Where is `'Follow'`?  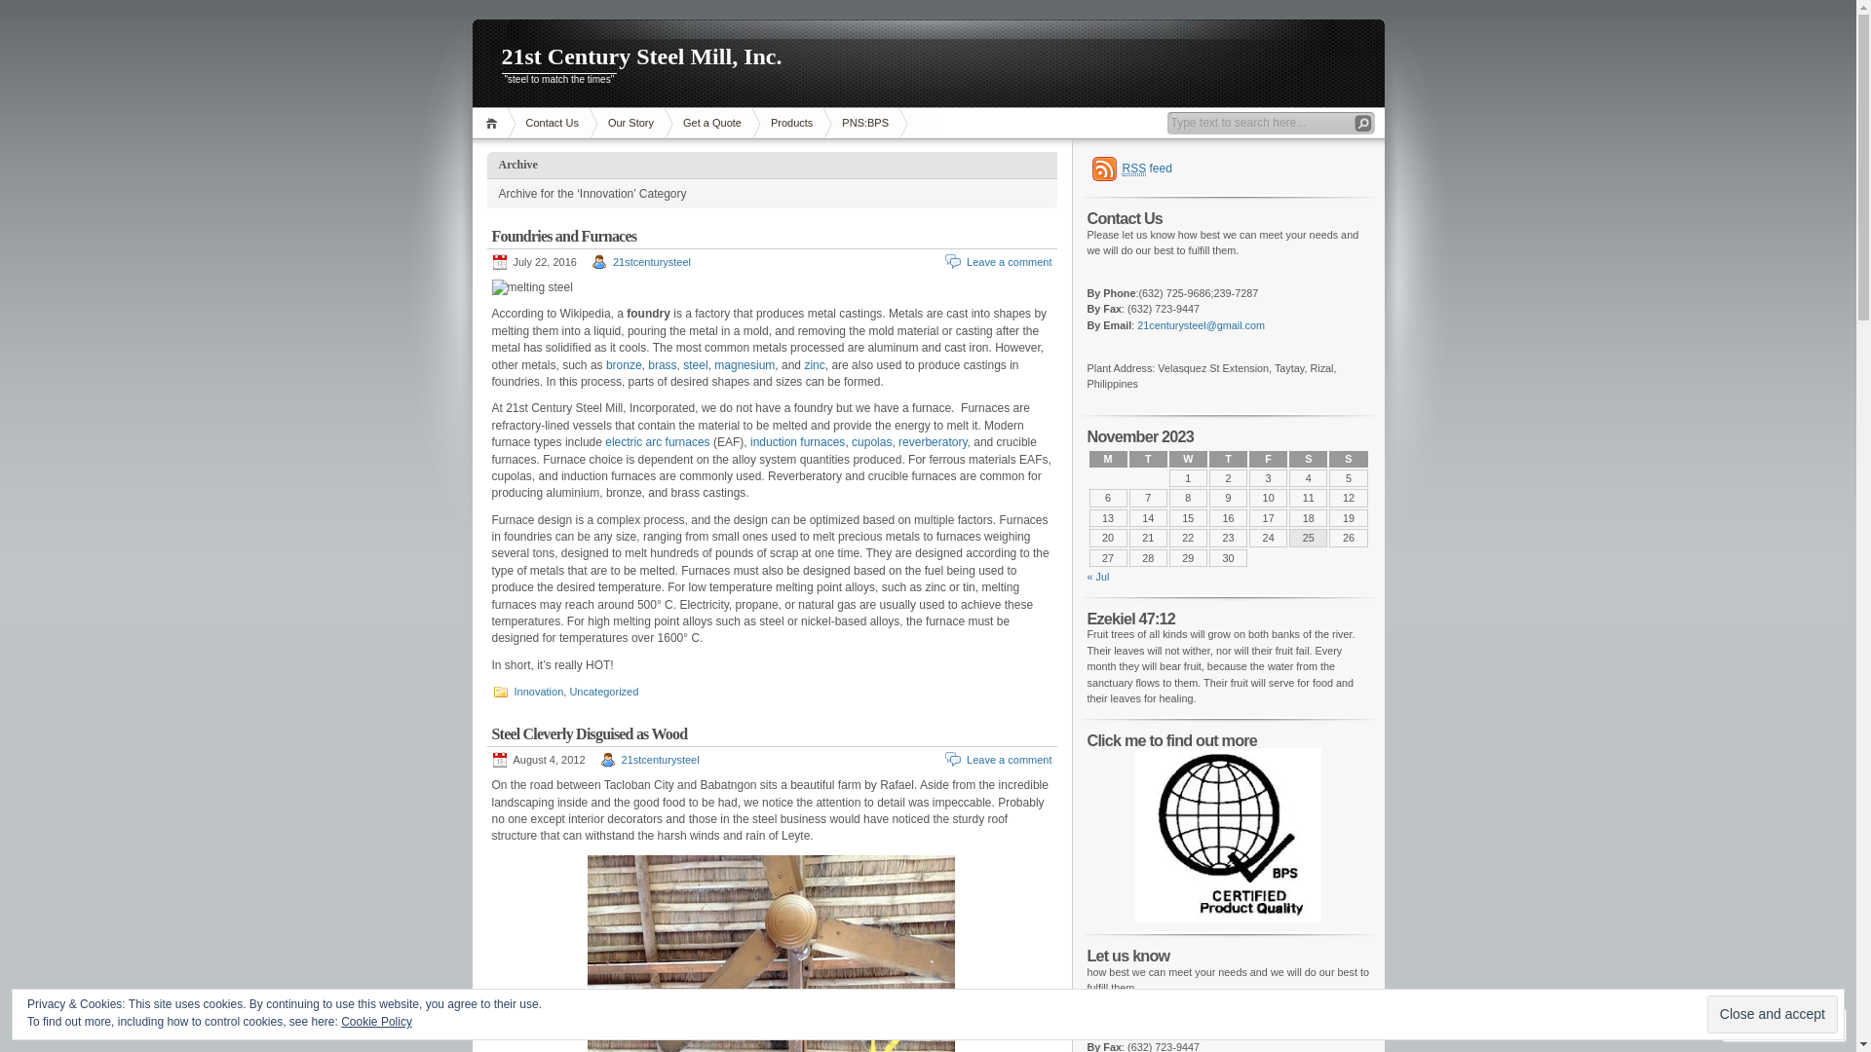
'Follow' is located at coordinates (1767, 1024).